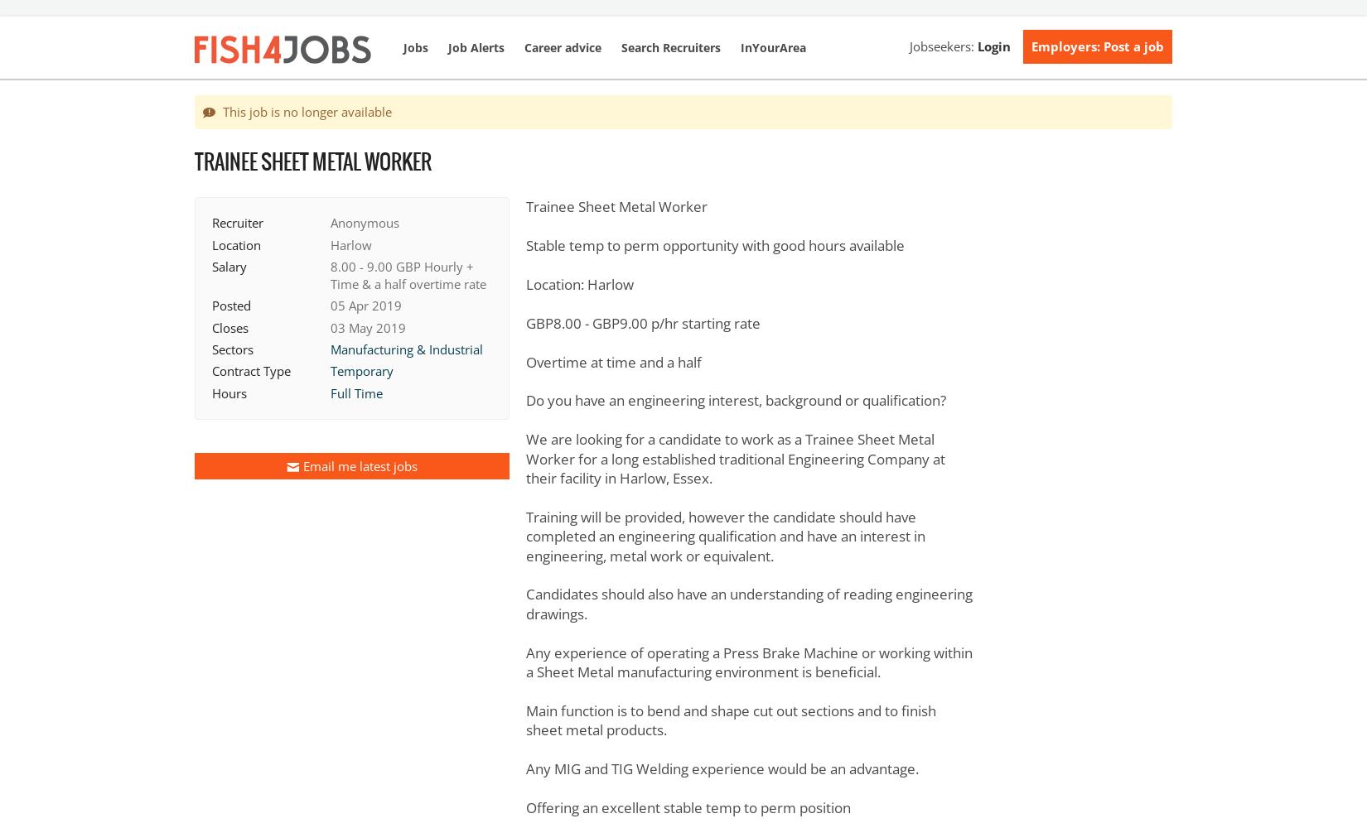  What do you see at coordinates (229, 392) in the screenshot?
I see `'Hours'` at bounding box center [229, 392].